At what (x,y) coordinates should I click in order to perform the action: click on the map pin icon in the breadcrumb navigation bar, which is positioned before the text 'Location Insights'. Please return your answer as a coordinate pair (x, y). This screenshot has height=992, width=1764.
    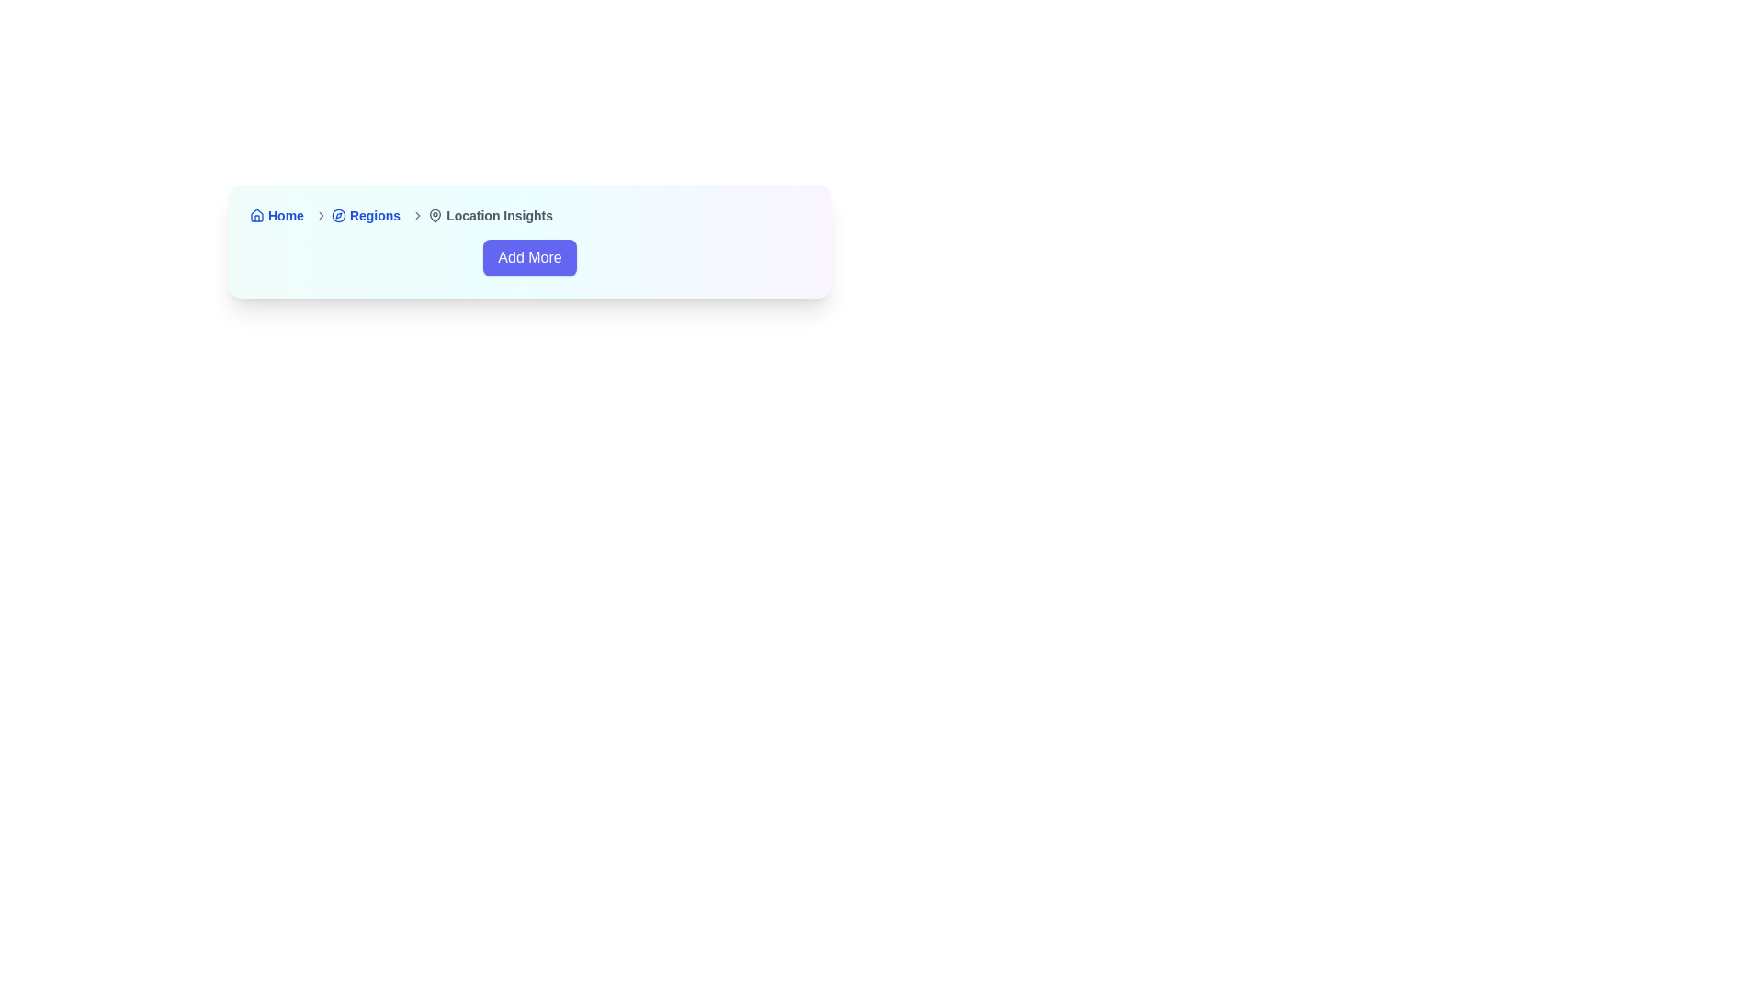
    Looking at the image, I should click on (435, 215).